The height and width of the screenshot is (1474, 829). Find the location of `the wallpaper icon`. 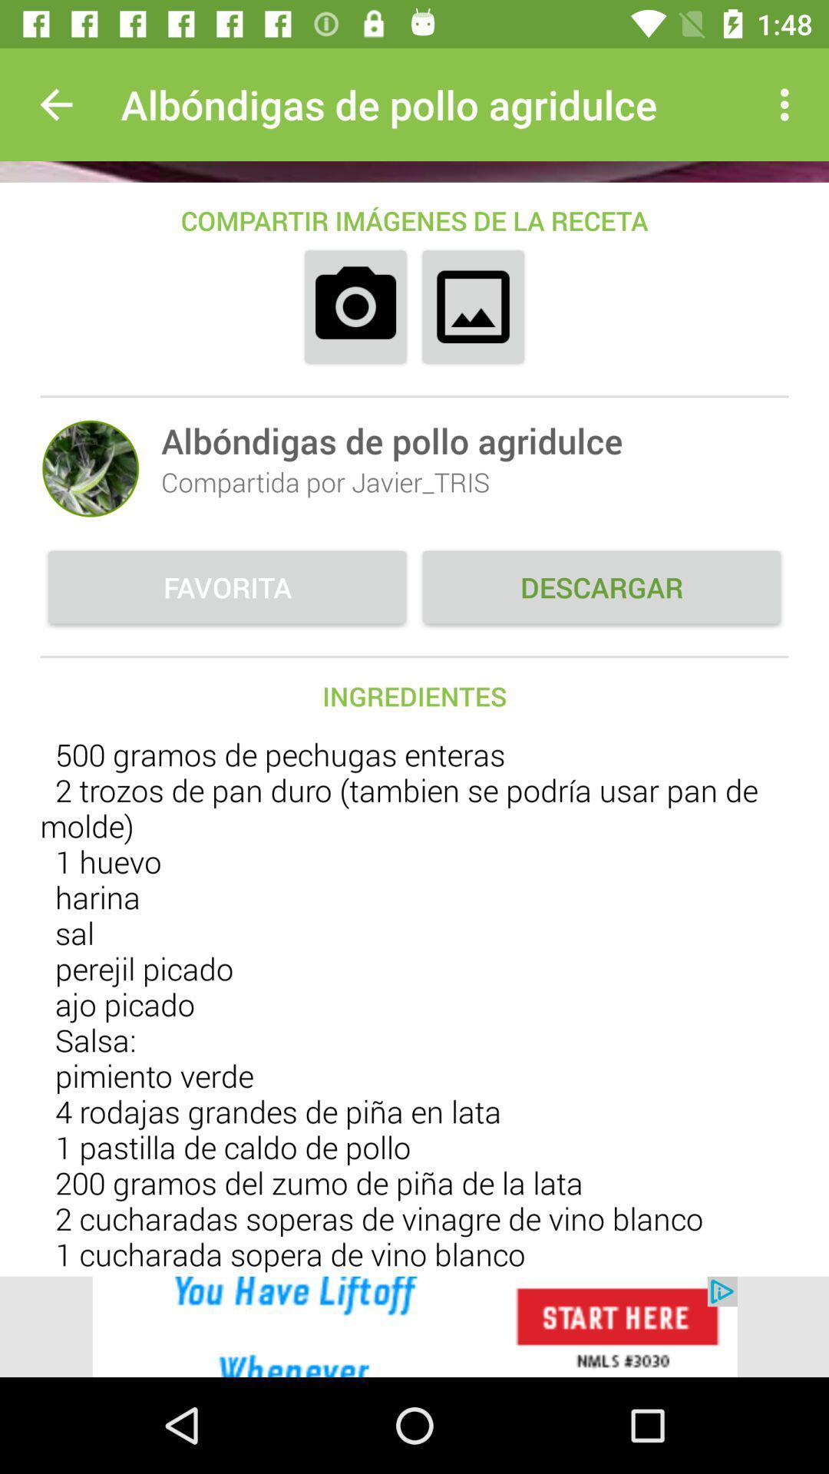

the wallpaper icon is located at coordinates (472, 306).